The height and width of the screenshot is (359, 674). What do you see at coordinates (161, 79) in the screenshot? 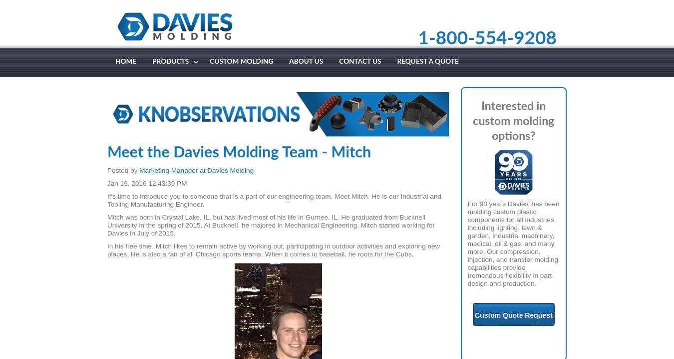
I see `'Knobs'` at bounding box center [161, 79].